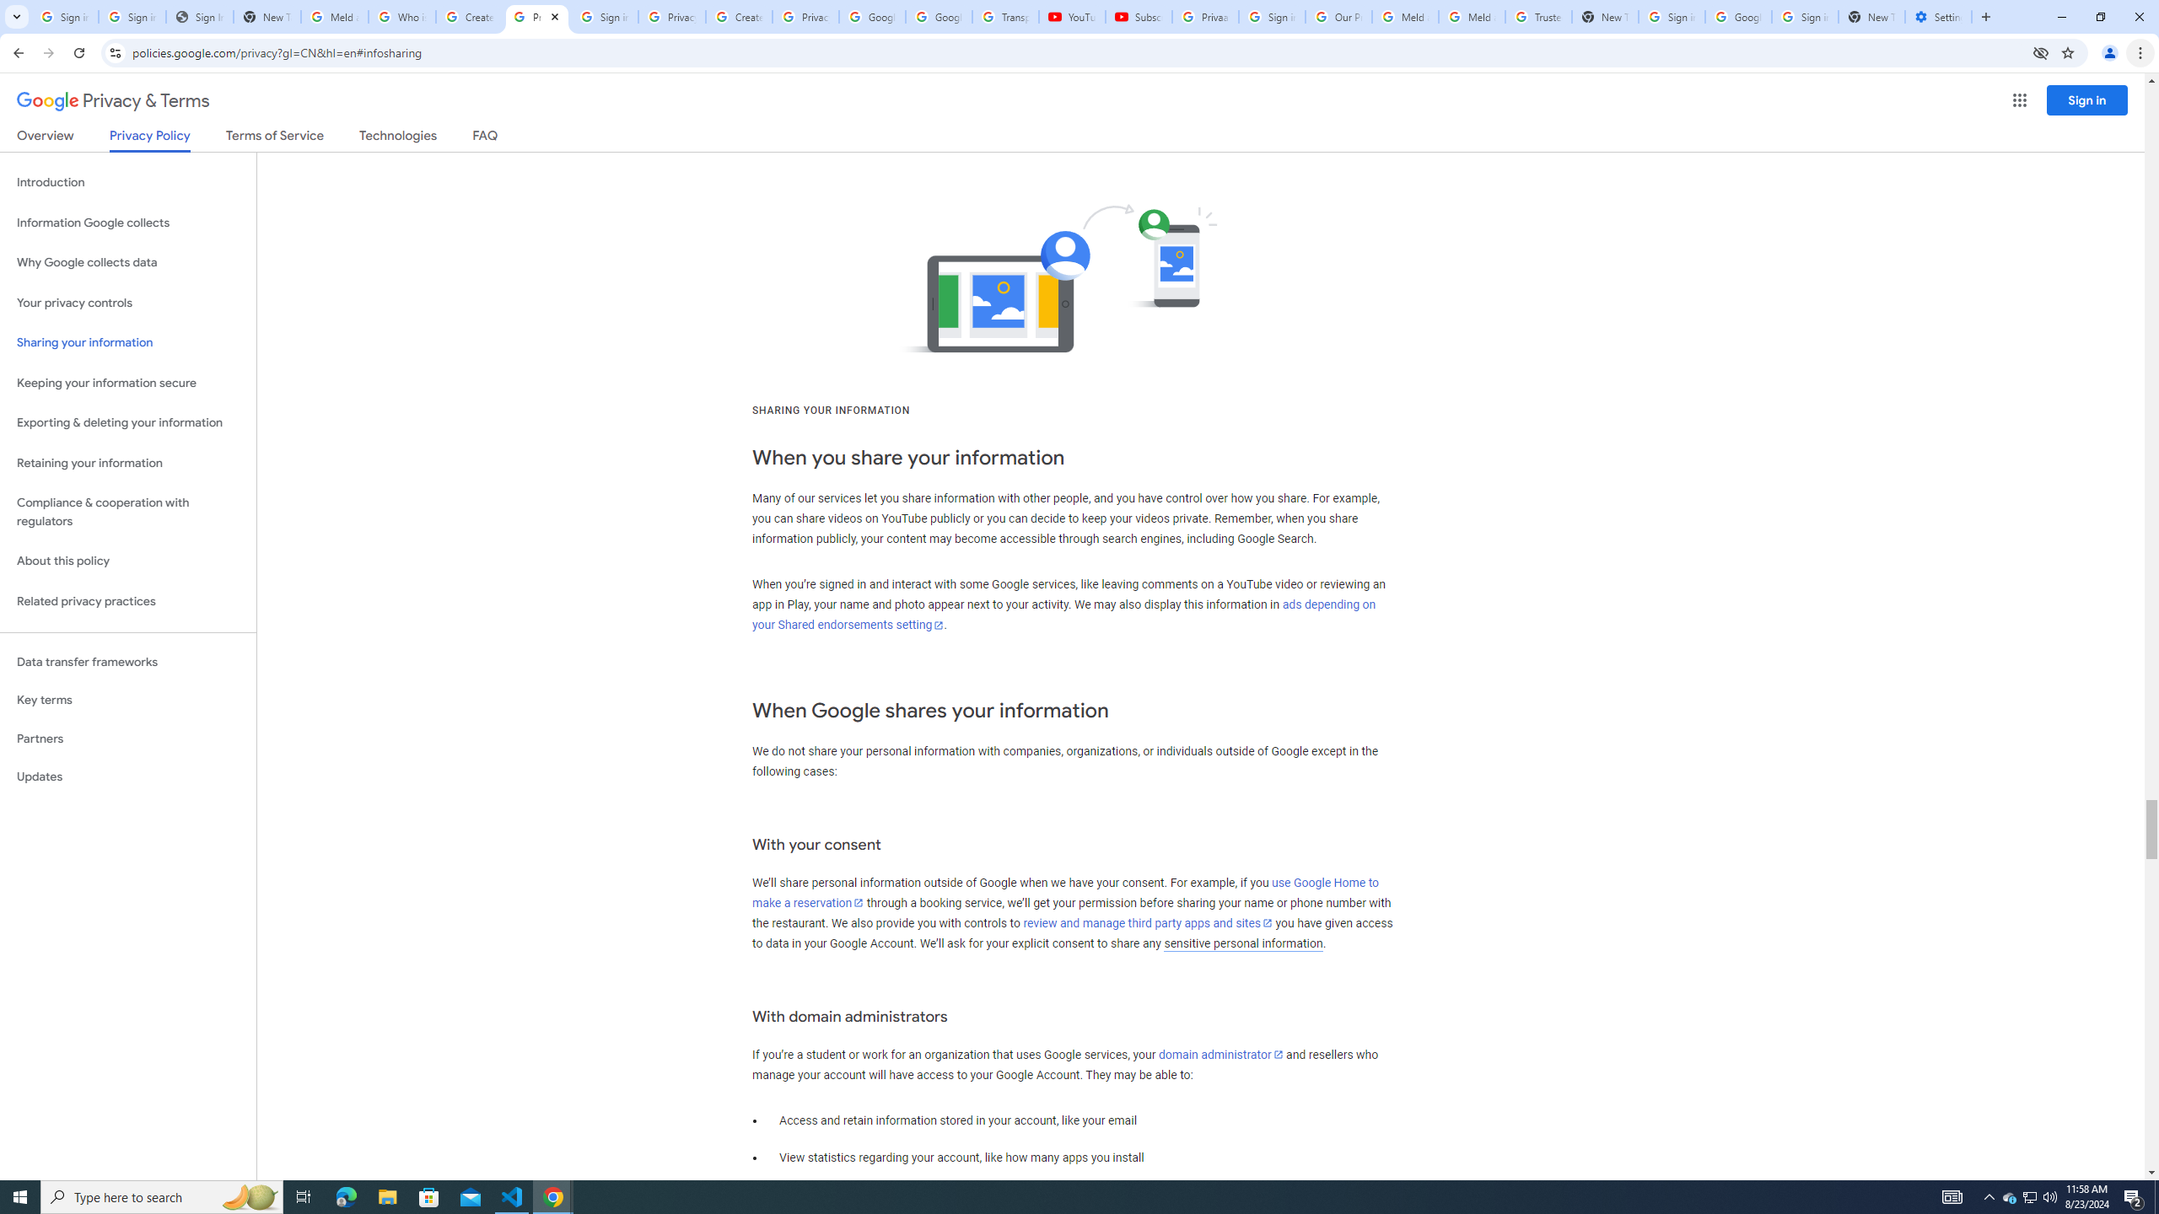  Describe the element at coordinates (1736, 16) in the screenshot. I see `'Google Cybersecurity Innovations - Google Safety Center'` at that location.